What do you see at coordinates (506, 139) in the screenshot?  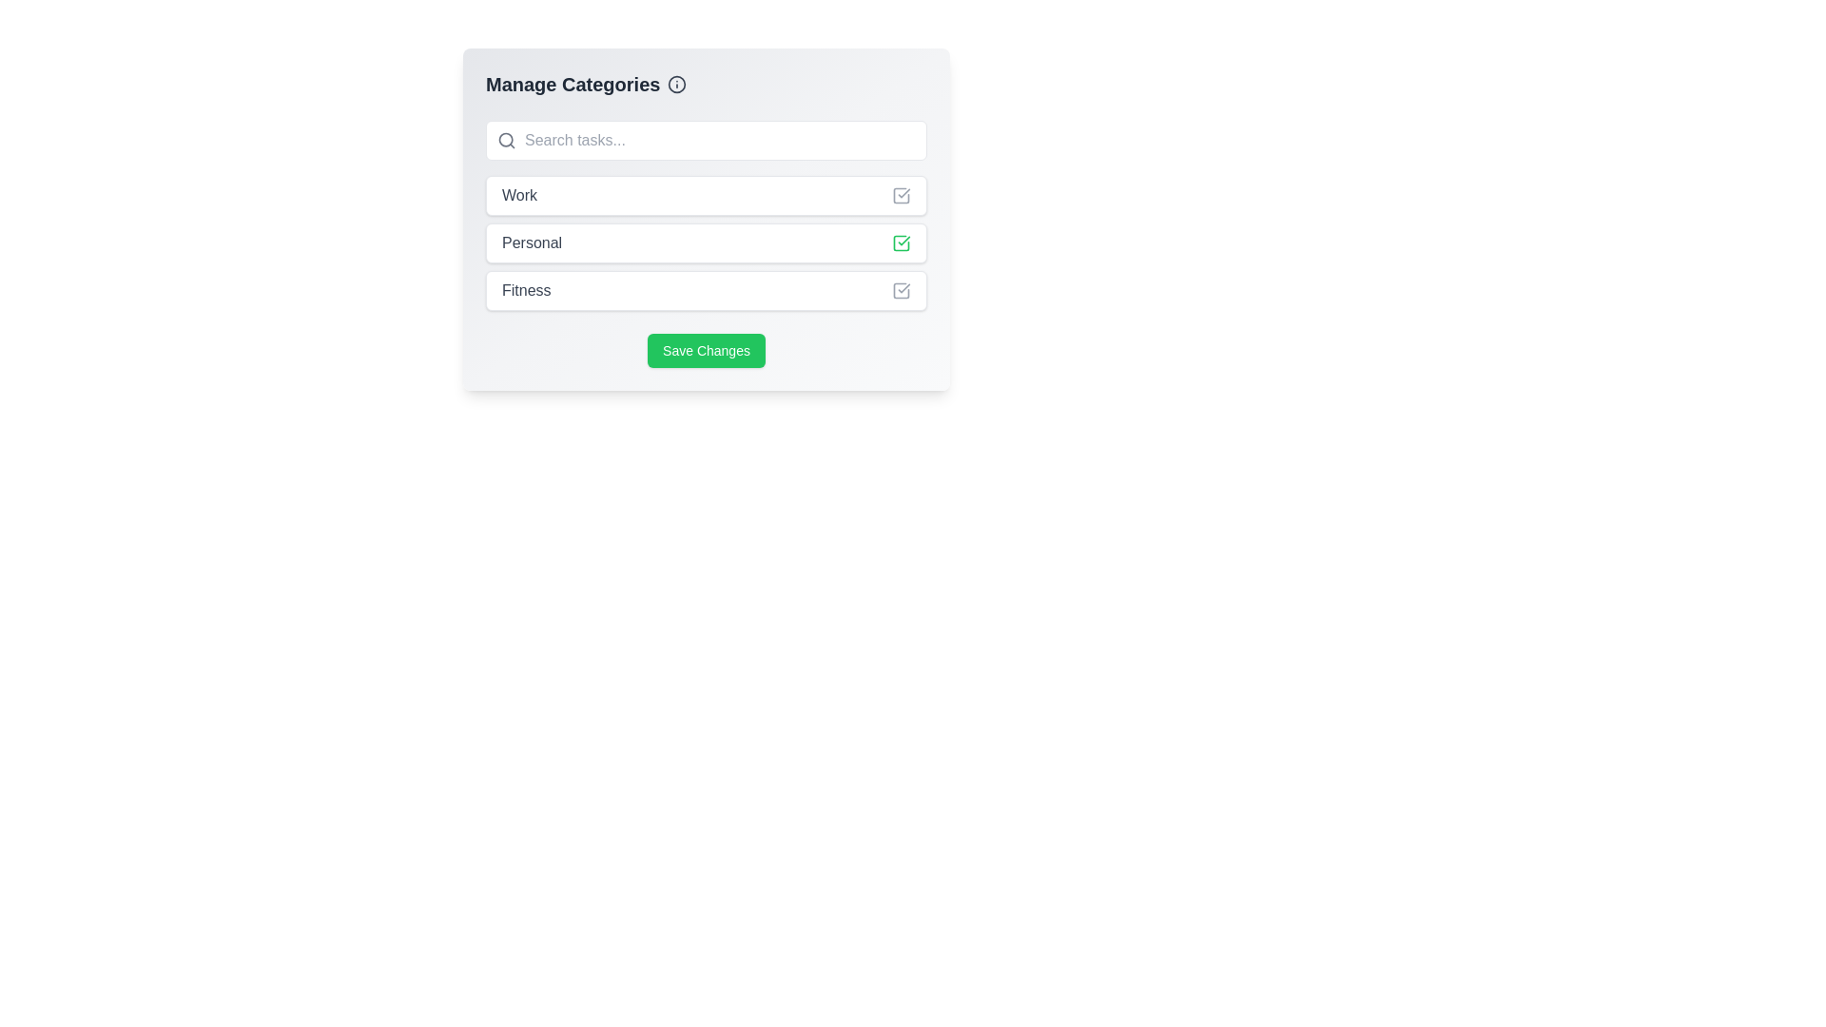 I see `the magnifying glass icon located within the 'Manage Categories' panel's search input field, adjacent to the placeholder text 'Search tasks...'` at bounding box center [506, 139].